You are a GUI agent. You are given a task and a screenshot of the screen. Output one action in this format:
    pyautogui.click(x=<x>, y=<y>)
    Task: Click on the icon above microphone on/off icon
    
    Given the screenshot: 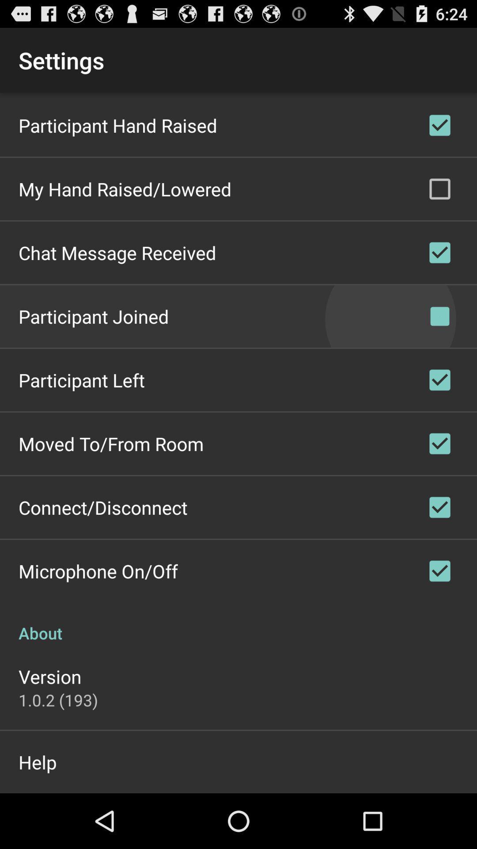 What is the action you would take?
    pyautogui.click(x=102, y=507)
    